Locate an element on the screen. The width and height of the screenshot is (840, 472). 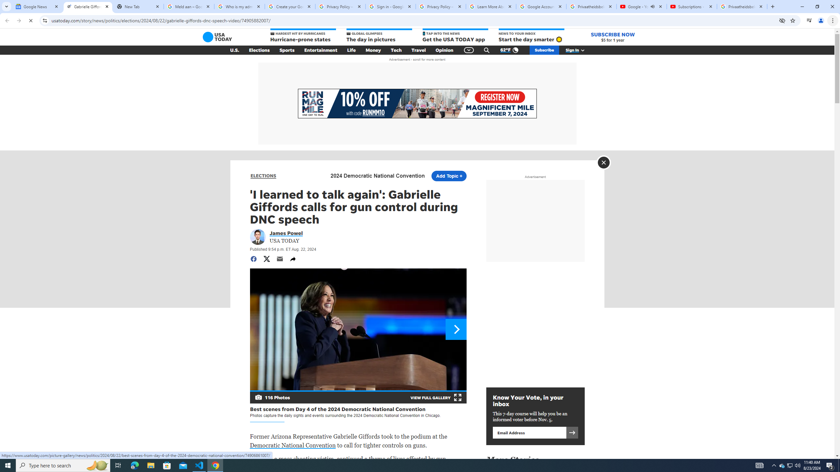
'Subscriptions - YouTube' is located at coordinates (691, 6).